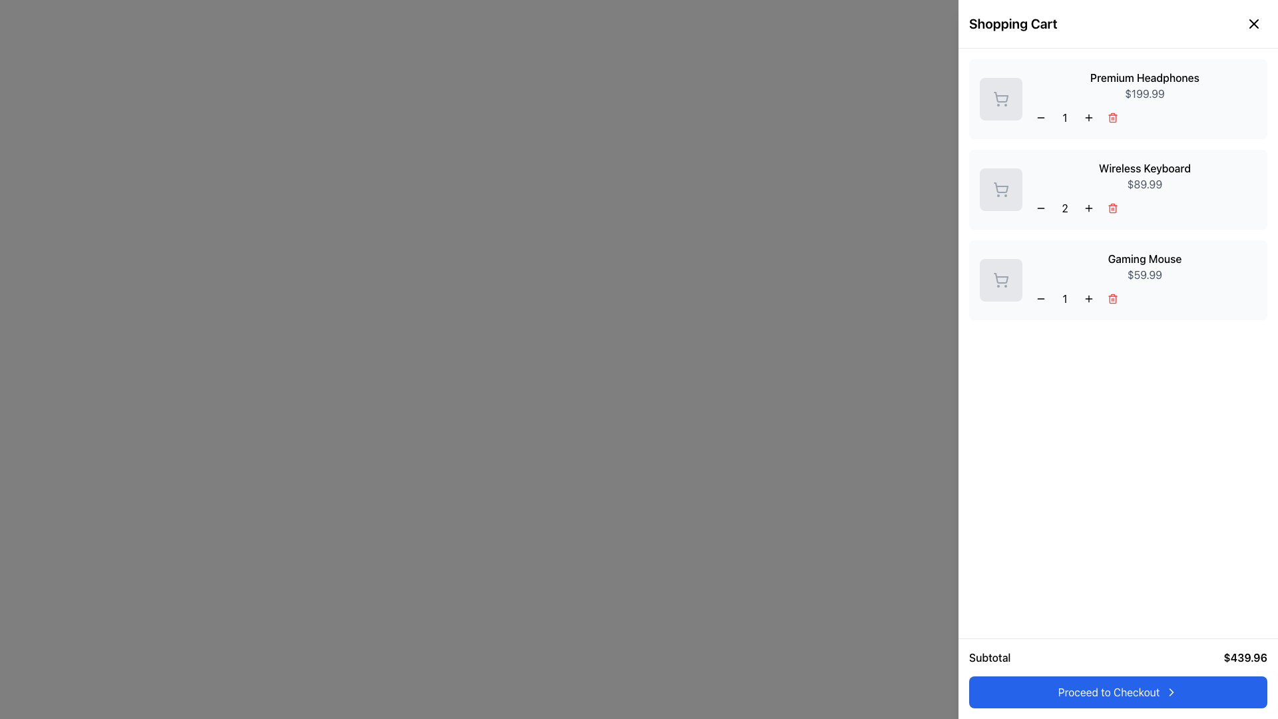  Describe the element at coordinates (1144, 184) in the screenshot. I see `the static text label displaying the price '$89.99' located beneath the product title 'Wireless Keyboard' in the shopping cart UI` at that location.